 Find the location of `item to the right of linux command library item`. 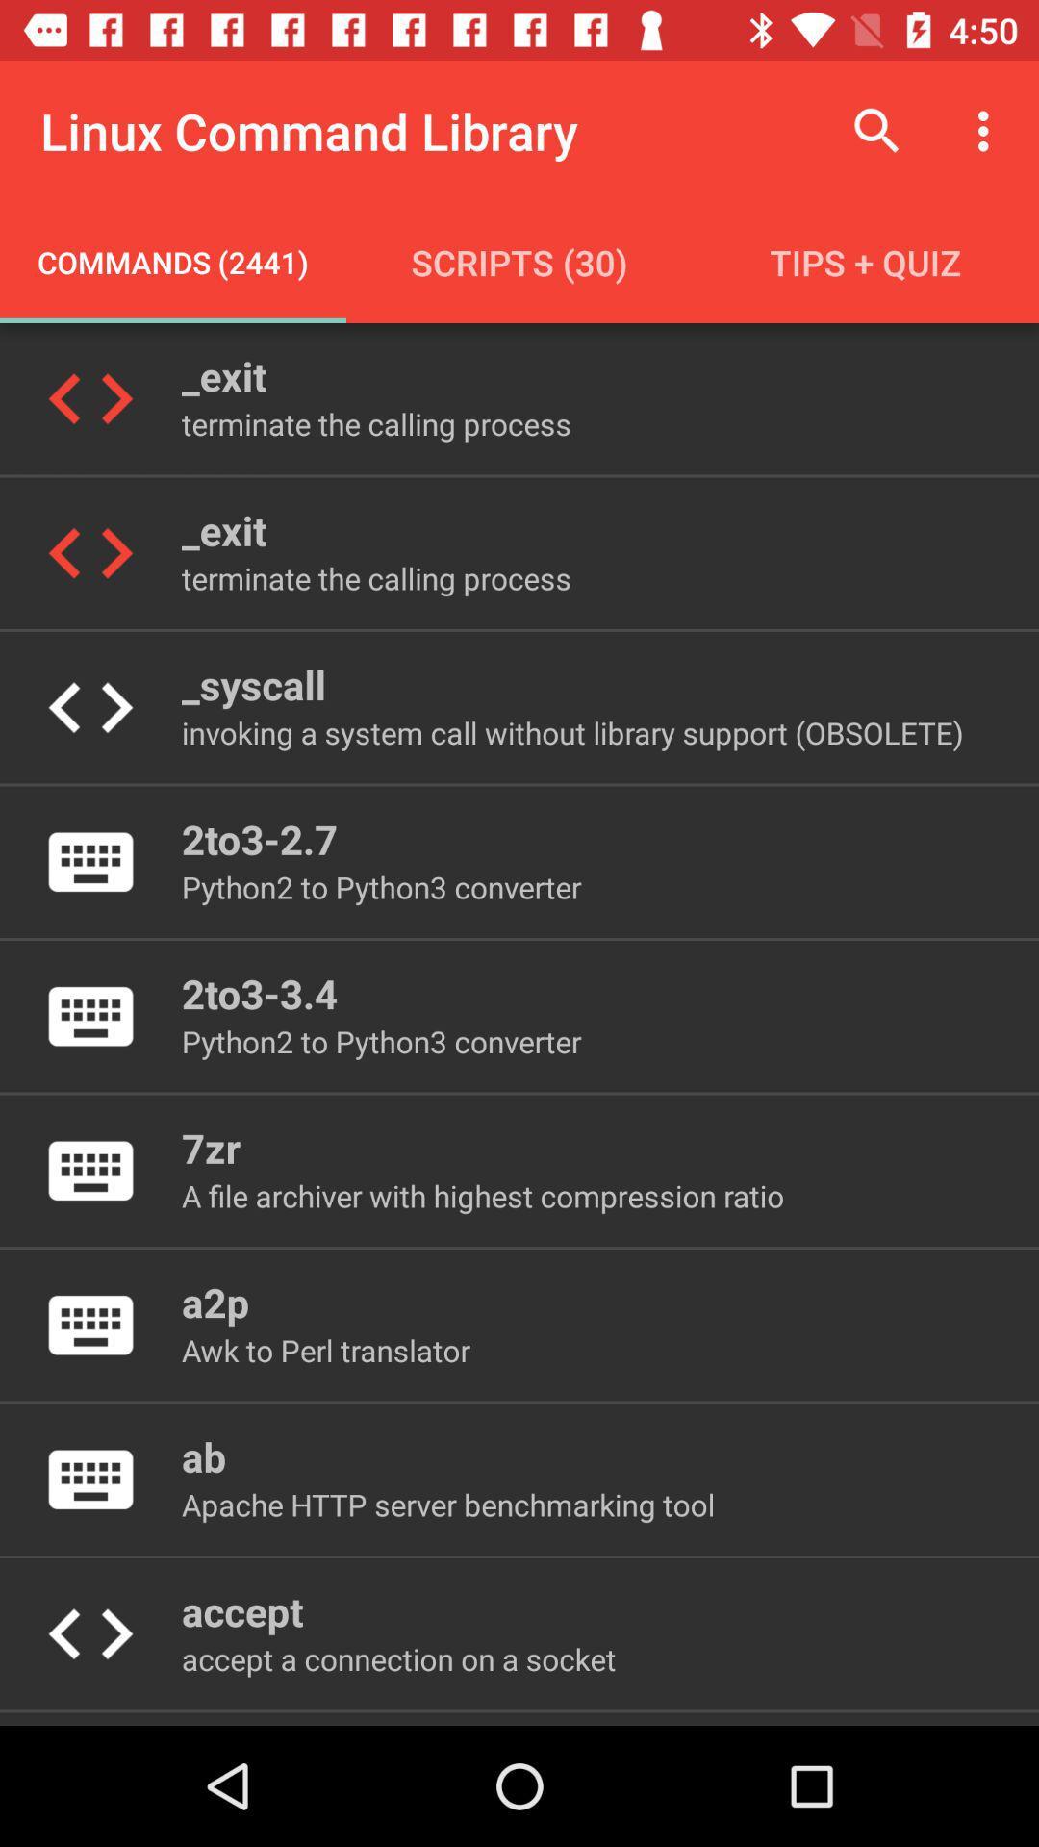

item to the right of linux command library item is located at coordinates (876, 130).